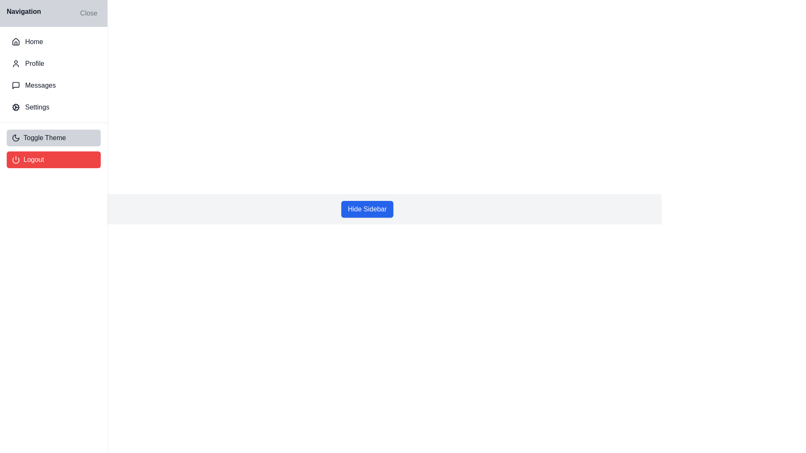  Describe the element at coordinates (53, 137) in the screenshot. I see `the theme toggle button located in the bottom section of the navigation sidebar, just above the red 'Logout' button` at that location.